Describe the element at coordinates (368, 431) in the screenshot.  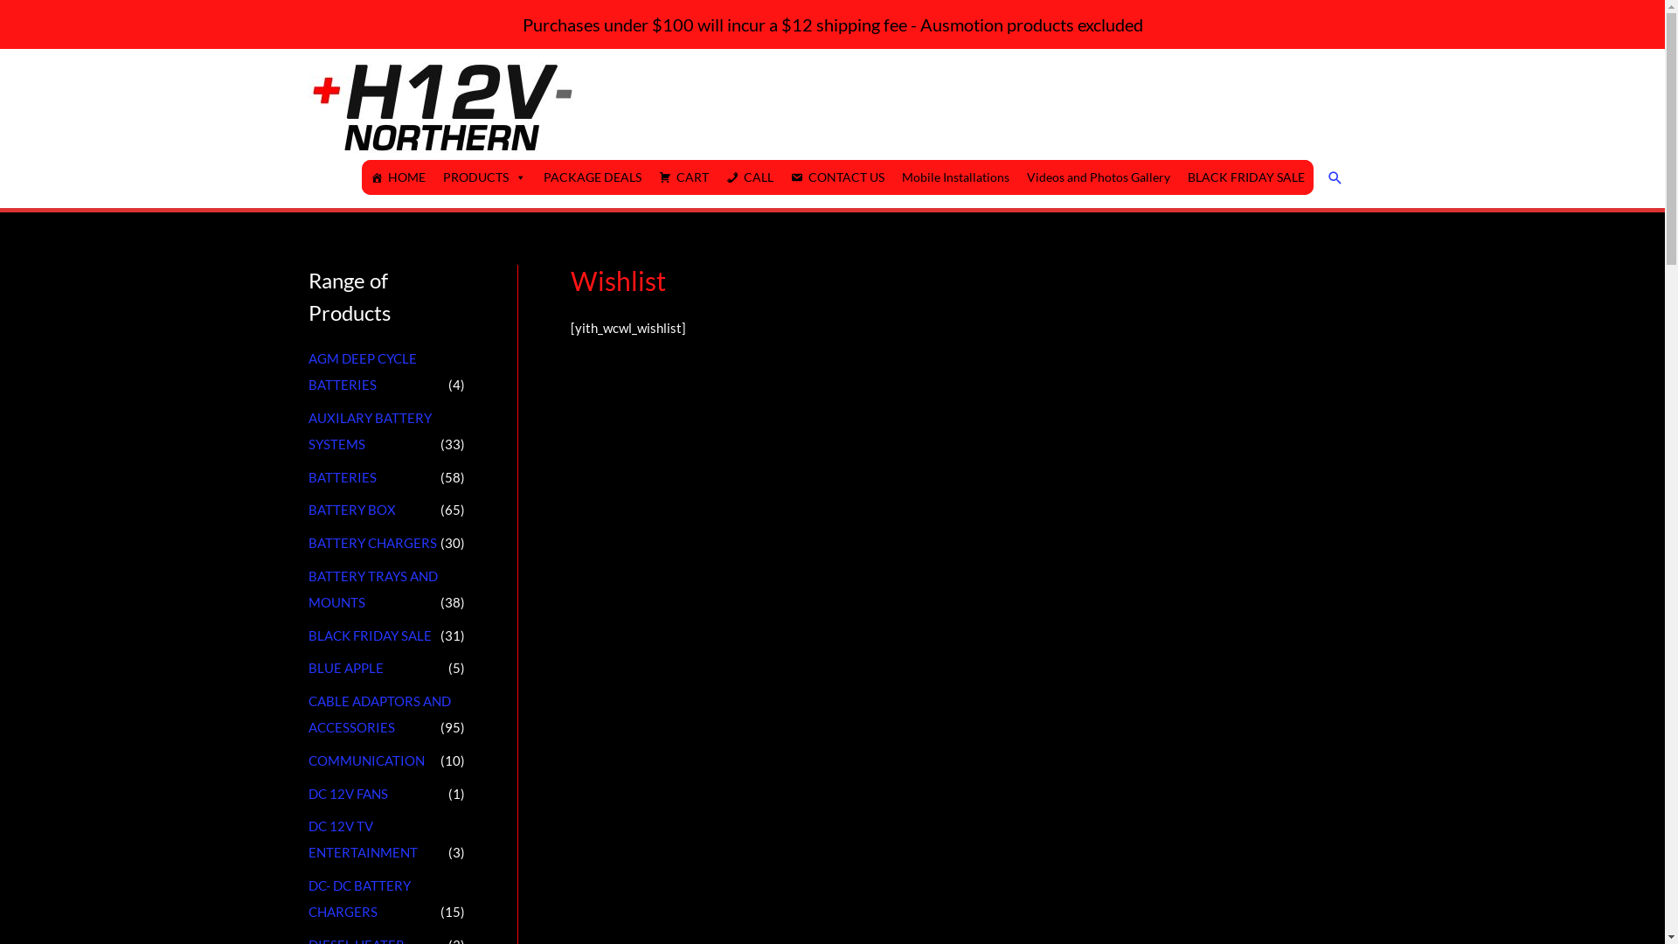
I see `'AUXILARY BATTERY SYSTEMS'` at that location.